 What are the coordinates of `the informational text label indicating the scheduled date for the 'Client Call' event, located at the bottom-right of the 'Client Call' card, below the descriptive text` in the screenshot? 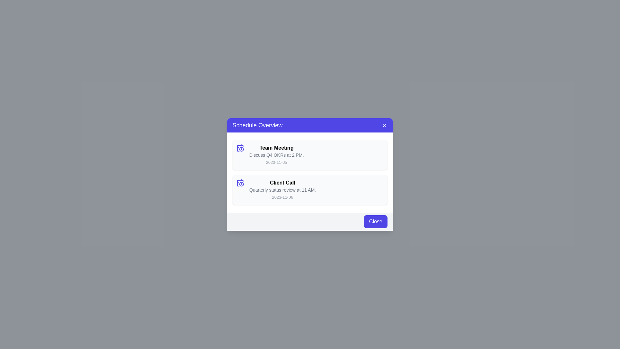 It's located at (283, 197).